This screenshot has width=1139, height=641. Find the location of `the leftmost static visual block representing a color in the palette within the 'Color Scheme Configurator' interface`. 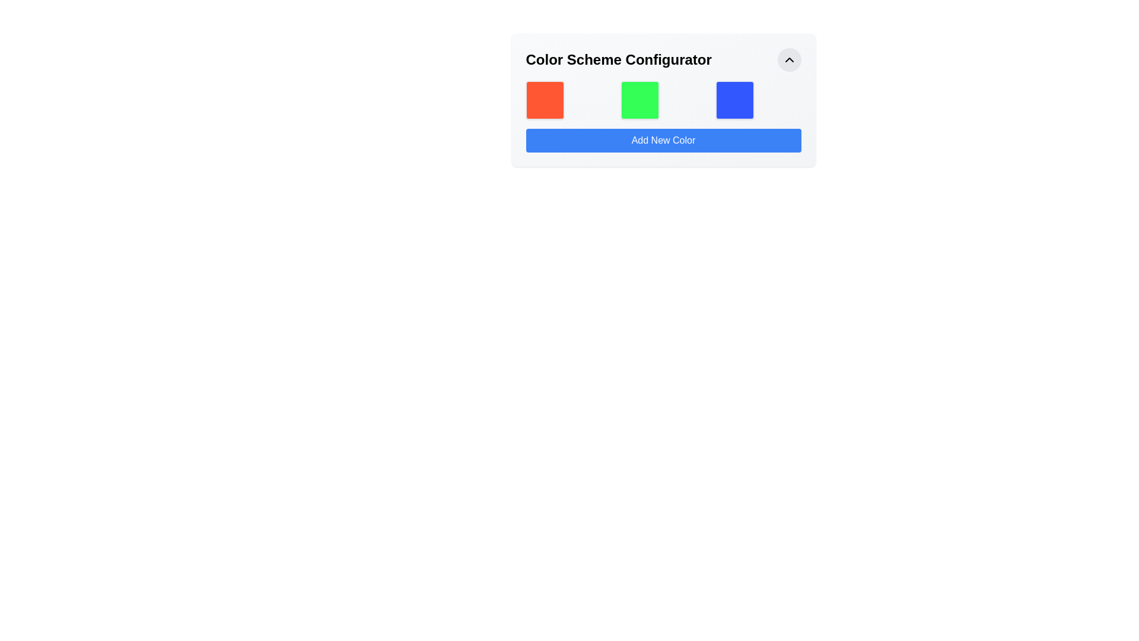

the leftmost static visual block representing a color in the palette within the 'Color Scheme Configurator' interface is located at coordinates (544, 100).